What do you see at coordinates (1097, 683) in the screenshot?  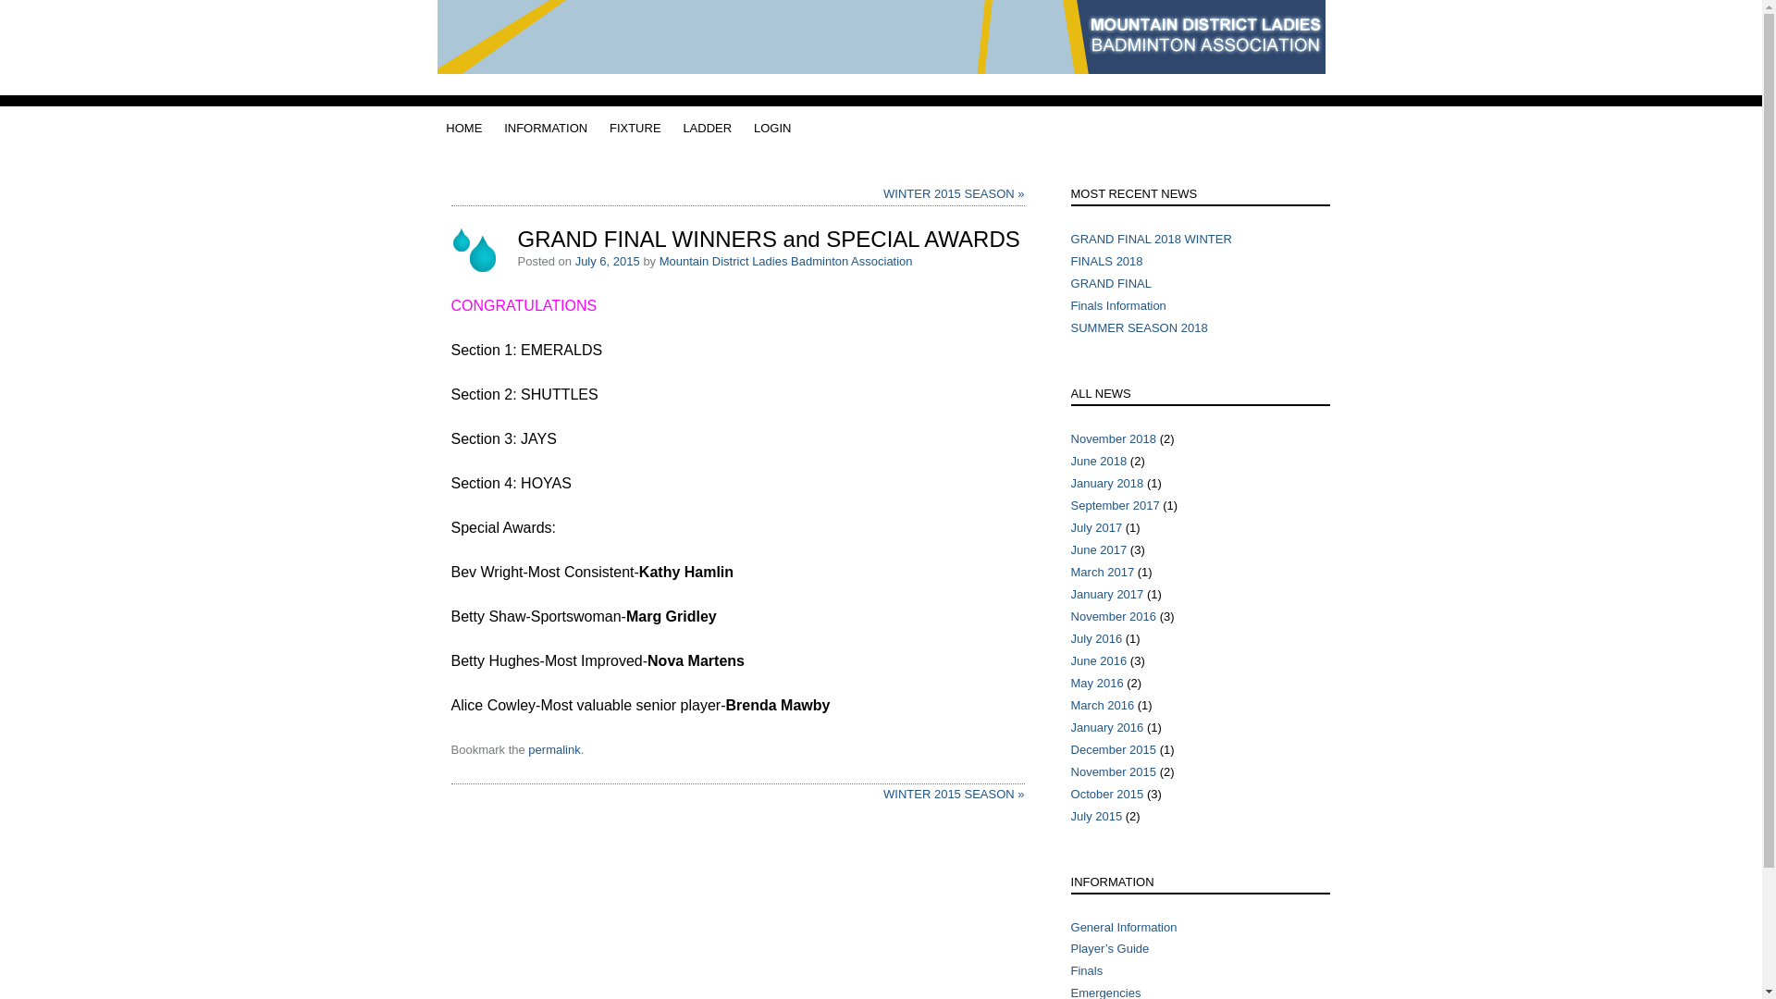 I see `'May 2016'` at bounding box center [1097, 683].